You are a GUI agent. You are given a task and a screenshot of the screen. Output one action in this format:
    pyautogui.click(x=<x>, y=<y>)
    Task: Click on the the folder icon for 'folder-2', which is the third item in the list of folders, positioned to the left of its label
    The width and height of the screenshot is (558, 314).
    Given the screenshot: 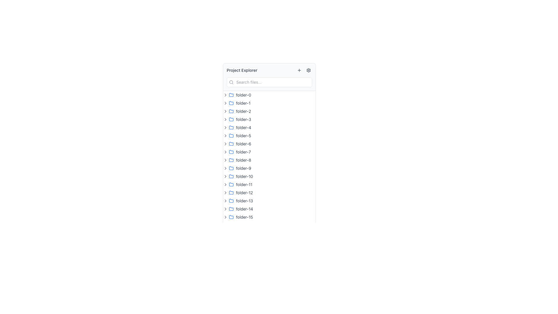 What is the action you would take?
    pyautogui.click(x=231, y=111)
    